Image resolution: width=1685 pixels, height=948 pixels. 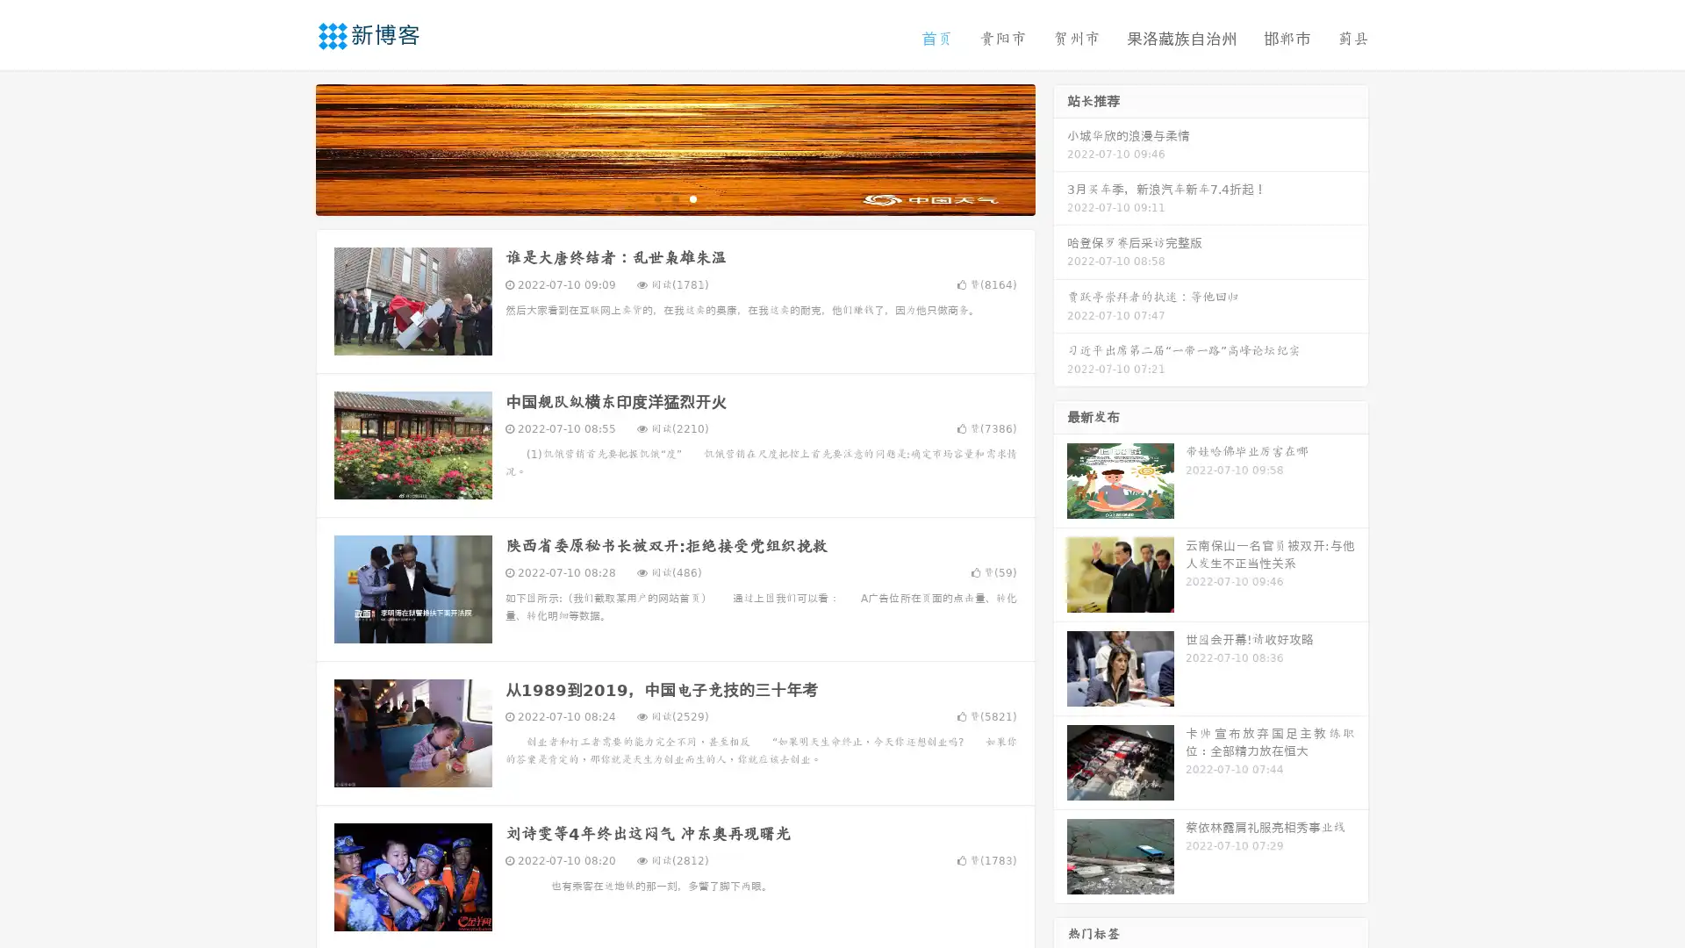 I want to click on Previous slide, so click(x=290, y=147).